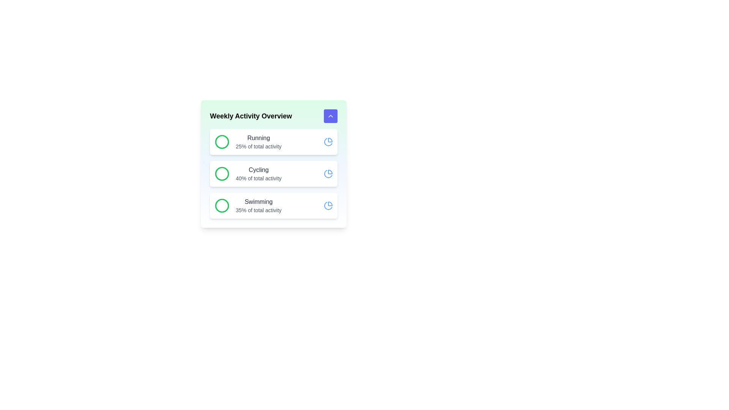 The image size is (729, 410). I want to click on the card element that displays 'Cycling 40% of total activity', which is the second item in a vertical list of activity entries, so click(273, 174).